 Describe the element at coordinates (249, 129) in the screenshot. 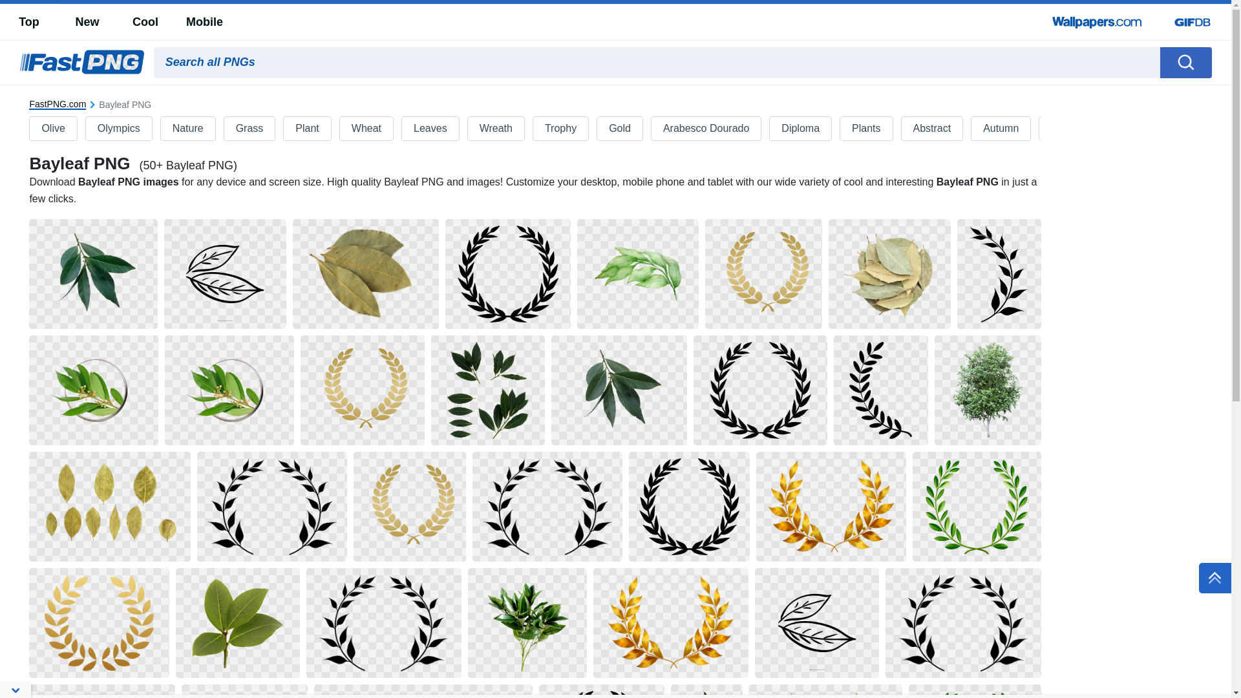

I see `'Grass'` at that location.